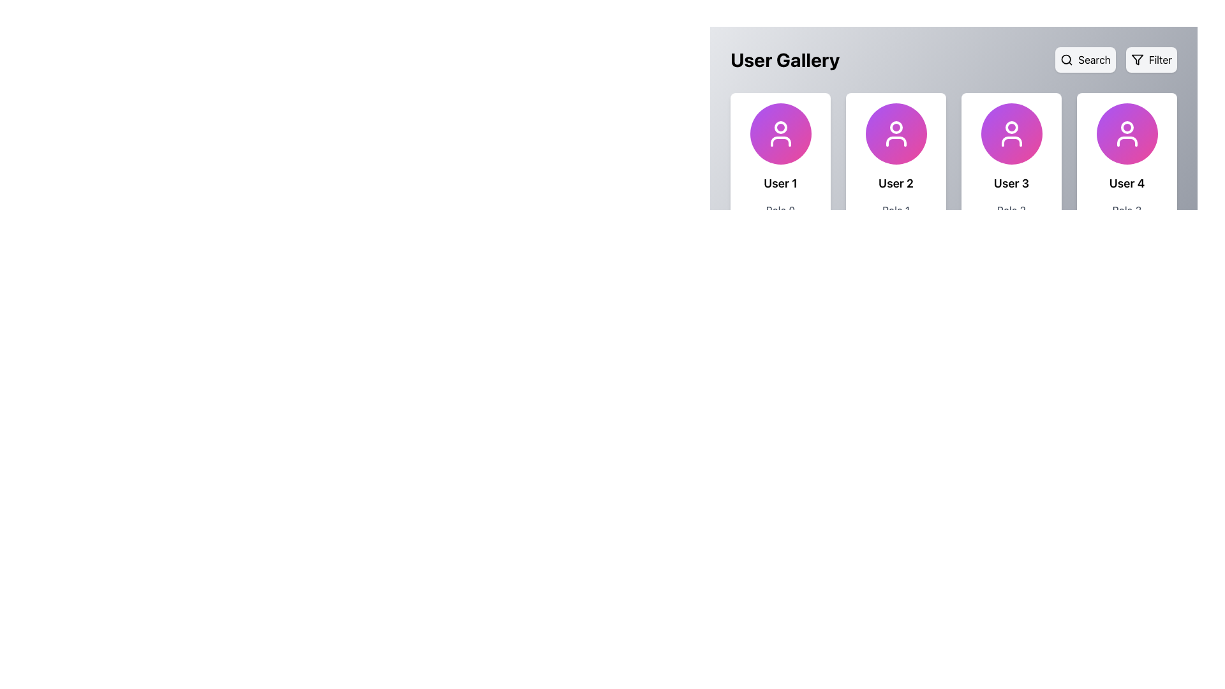  I want to click on the graphical circle component of the magnifying glass icon, so click(1066, 59).